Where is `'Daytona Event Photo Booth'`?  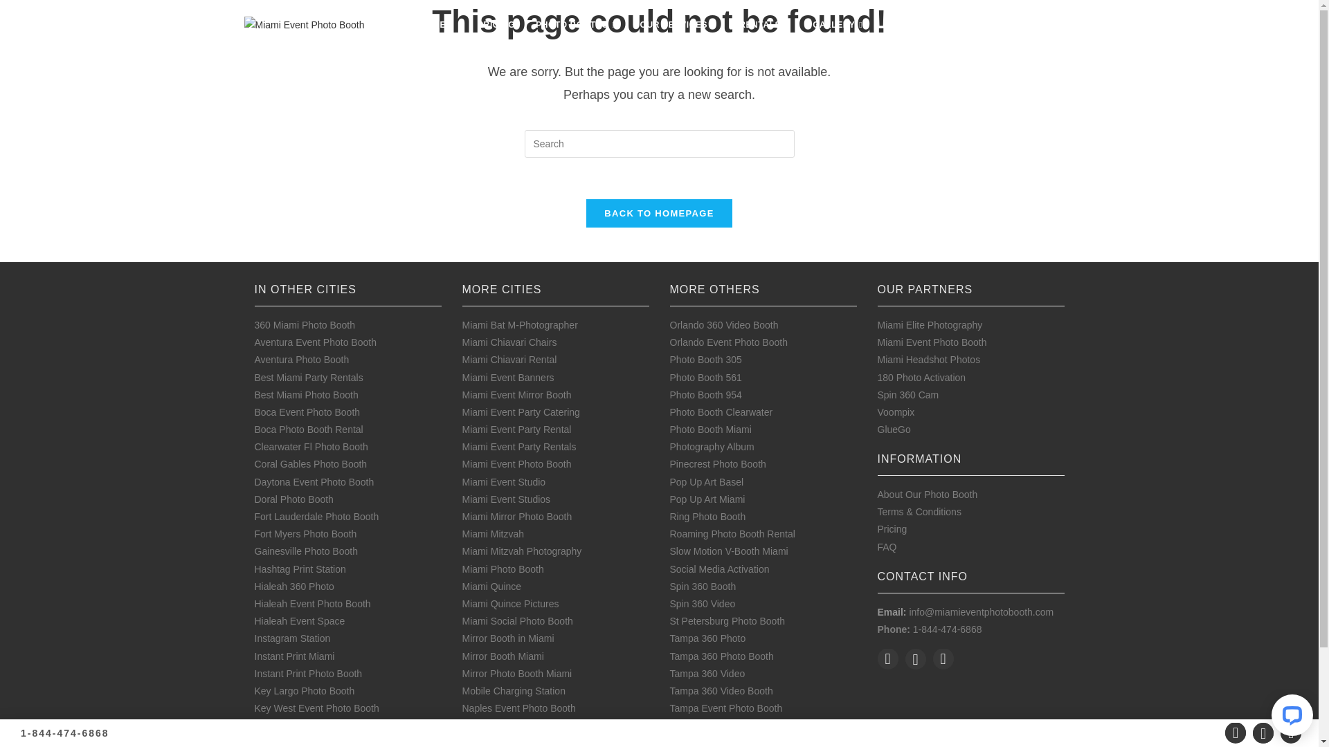 'Daytona Event Photo Booth' is located at coordinates (314, 481).